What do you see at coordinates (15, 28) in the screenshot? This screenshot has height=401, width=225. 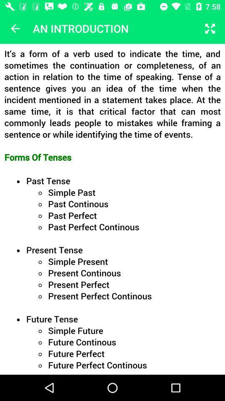 I see `go back` at bounding box center [15, 28].